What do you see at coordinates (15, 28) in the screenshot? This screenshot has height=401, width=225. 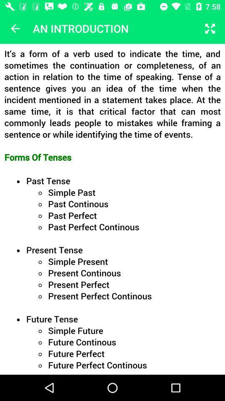 I see `go back` at bounding box center [15, 28].